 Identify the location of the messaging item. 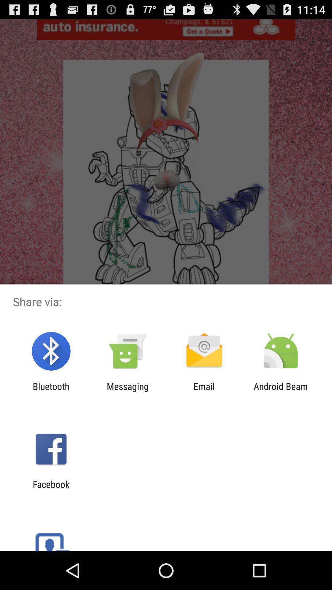
(127, 391).